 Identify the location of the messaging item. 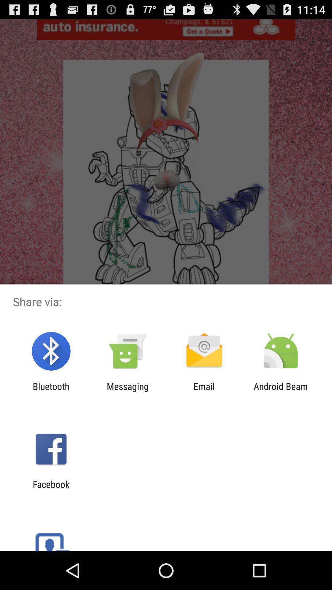
(127, 391).